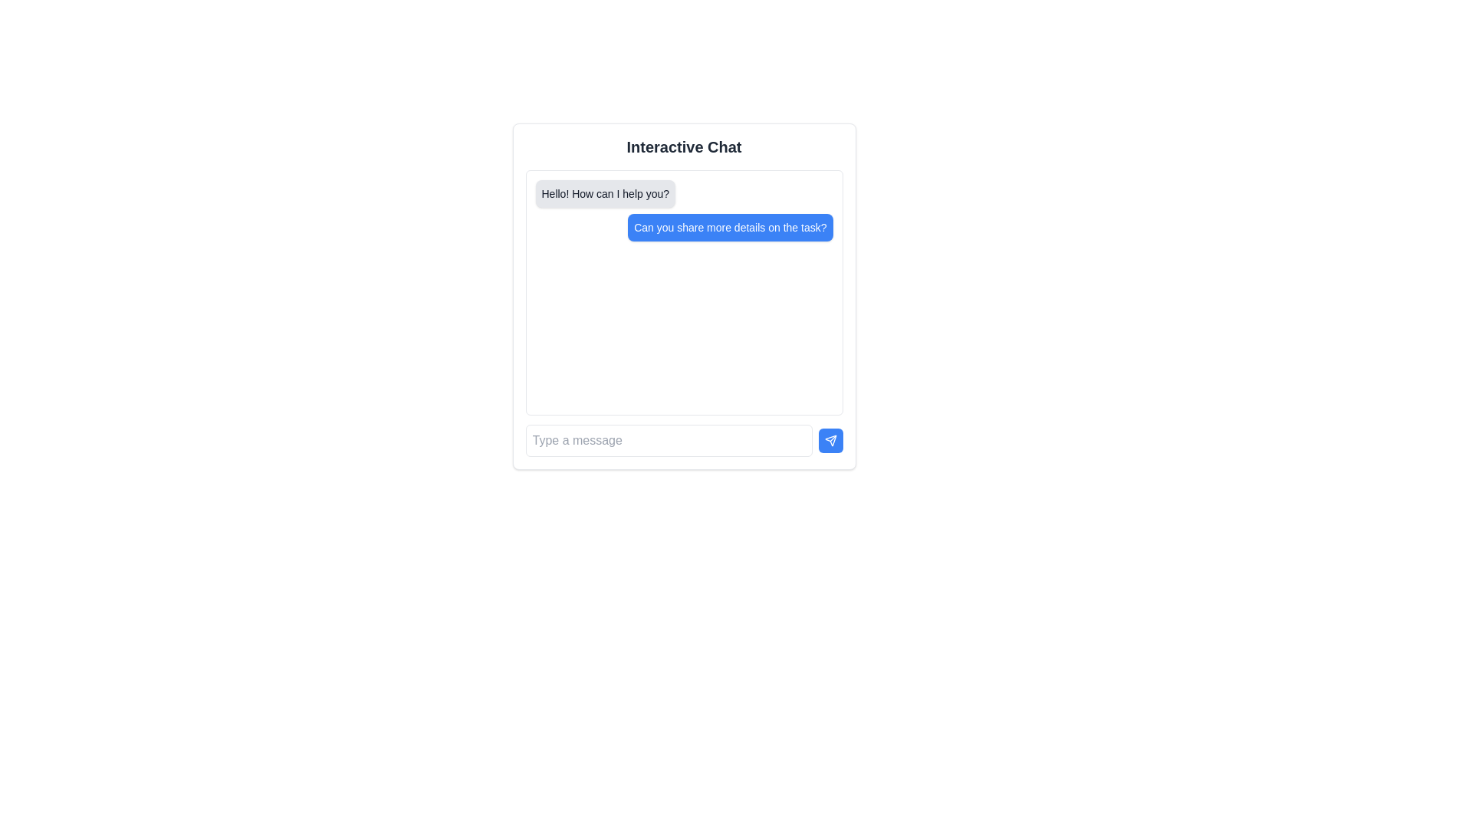 The height and width of the screenshot is (828, 1472). What do you see at coordinates (830, 440) in the screenshot?
I see `the send message icon located on the bottom-right edge of the chat interface` at bounding box center [830, 440].